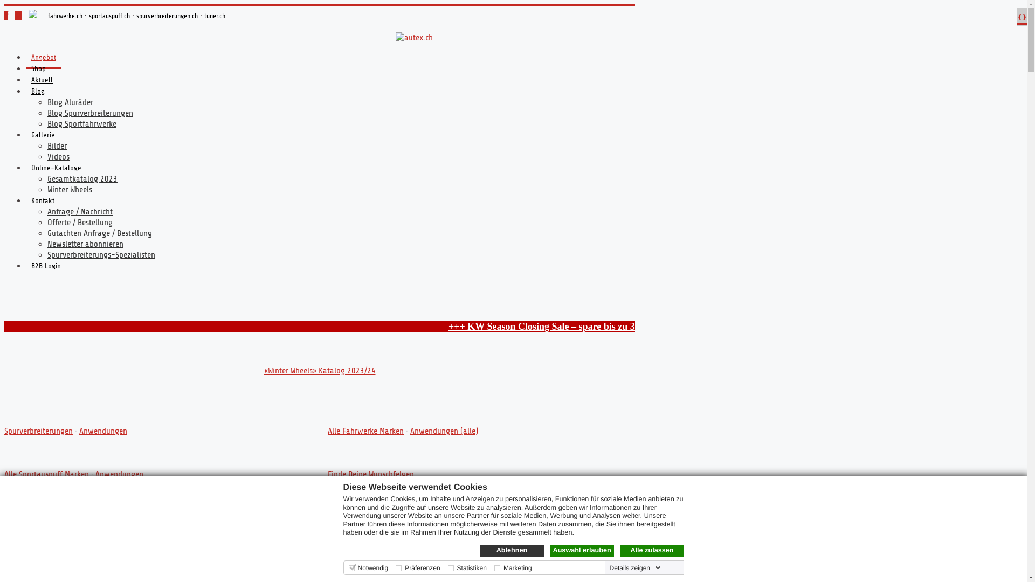 Image resolution: width=1035 pixels, height=582 pixels. Describe the element at coordinates (85, 244) in the screenshot. I see `'Newsletter abonnieren'` at that location.